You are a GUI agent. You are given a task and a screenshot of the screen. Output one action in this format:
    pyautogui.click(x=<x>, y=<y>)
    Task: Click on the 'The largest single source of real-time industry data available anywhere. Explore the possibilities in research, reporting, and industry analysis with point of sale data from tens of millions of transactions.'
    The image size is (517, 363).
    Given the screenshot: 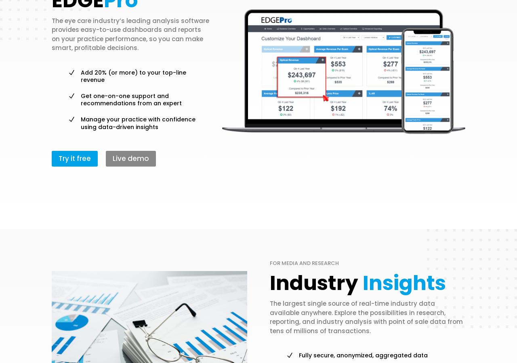 What is the action you would take?
    pyautogui.click(x=366, y=316)
    